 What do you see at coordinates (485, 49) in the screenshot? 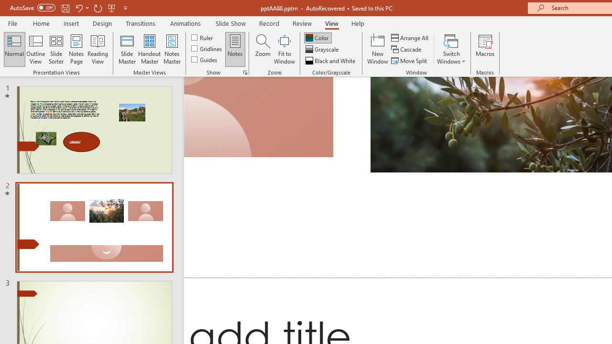
I see `'Macros'` at bounding box center [485, 49].